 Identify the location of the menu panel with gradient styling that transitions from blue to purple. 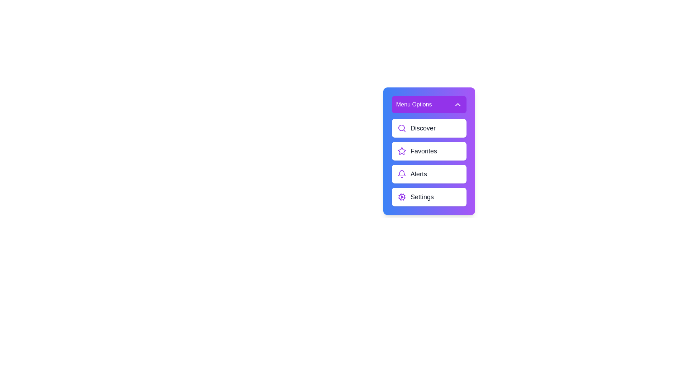
(429, 150).